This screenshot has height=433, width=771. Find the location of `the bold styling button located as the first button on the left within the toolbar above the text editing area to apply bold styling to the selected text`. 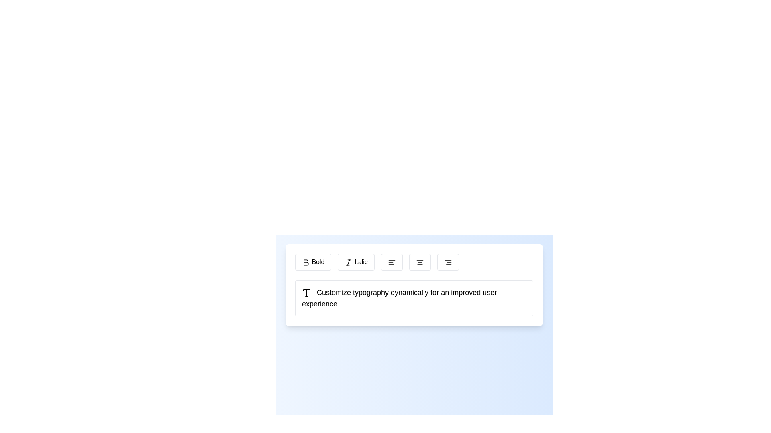

the bold styling button located as the first button on the left within the toolbar above the text editing area to apply bold styling to the selected text is located at coordinates (306, 262).